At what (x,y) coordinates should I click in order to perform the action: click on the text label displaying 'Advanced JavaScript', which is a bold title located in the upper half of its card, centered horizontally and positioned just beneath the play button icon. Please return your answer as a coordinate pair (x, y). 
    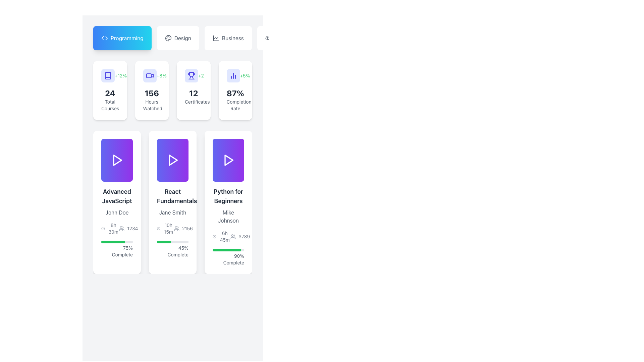
    Looking at the image, I should click on (117, 196).